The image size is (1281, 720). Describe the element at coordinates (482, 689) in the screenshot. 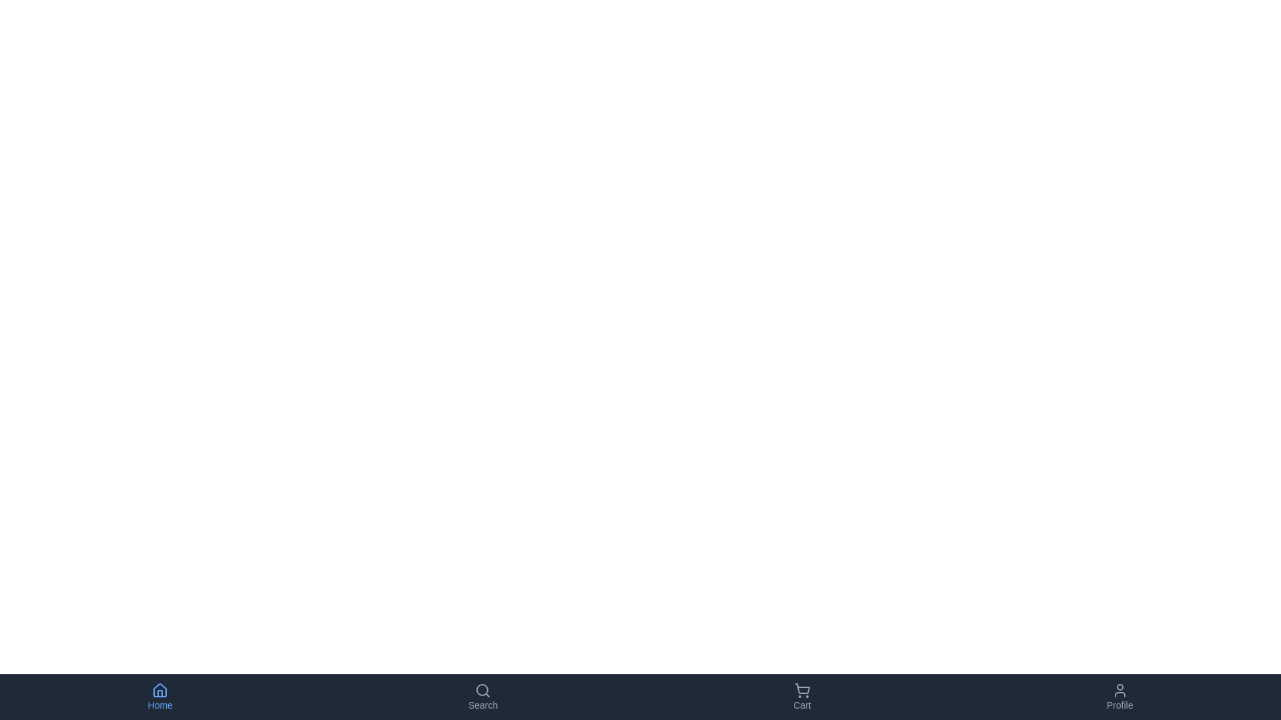

I see `the circular shape with an 8-unit radius located within the magnifying glass icon in the bottom navigation bar` at that location.